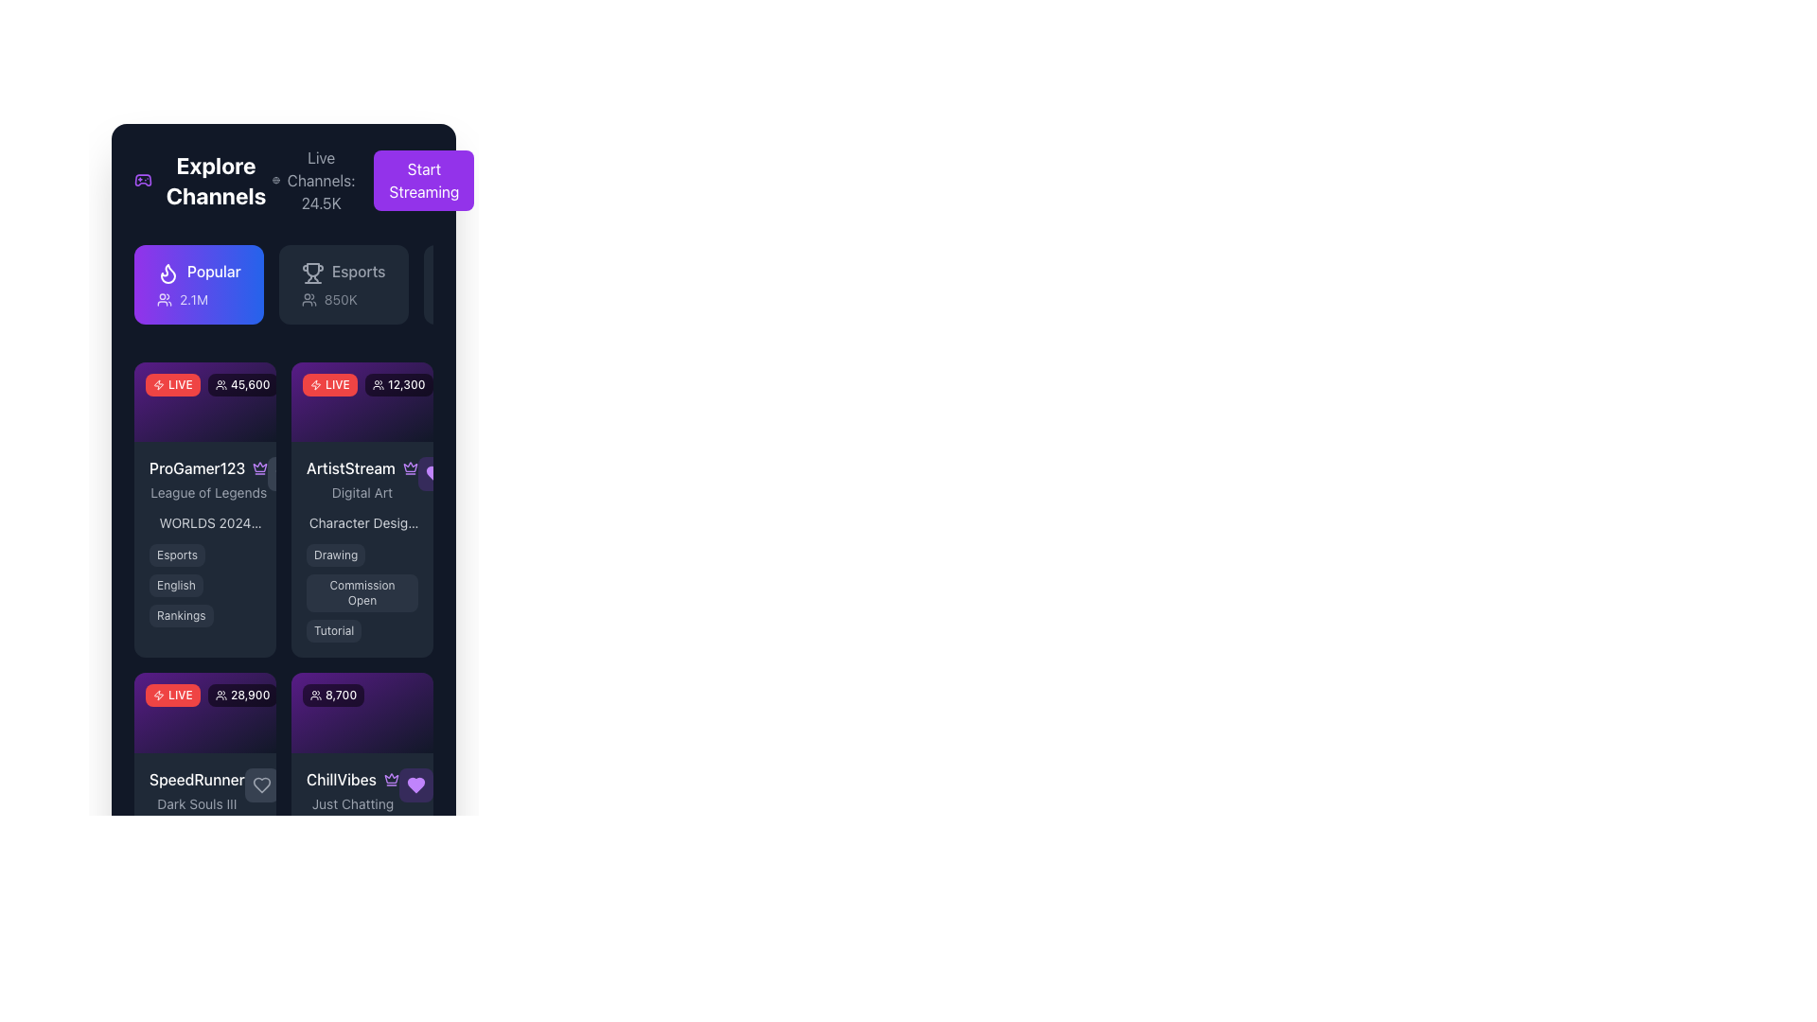 The width and height of the screenshot is (1817, 1022). What do you see at coordinates (350, 468) in the screenshot?
I see `the Text Label displaying 'ArtistStream', which is styled with a white font on a dark background and positioned in the center top area of its card` at bounding box center [350, 468].